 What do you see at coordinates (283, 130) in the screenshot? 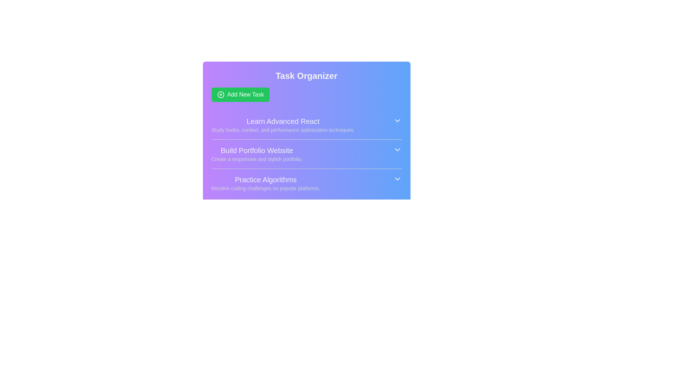
I see `the descriptive text element that provides additional explanation about the 'Learn Advanced React' section, located just below its heading` at bounding box center [283, 130].